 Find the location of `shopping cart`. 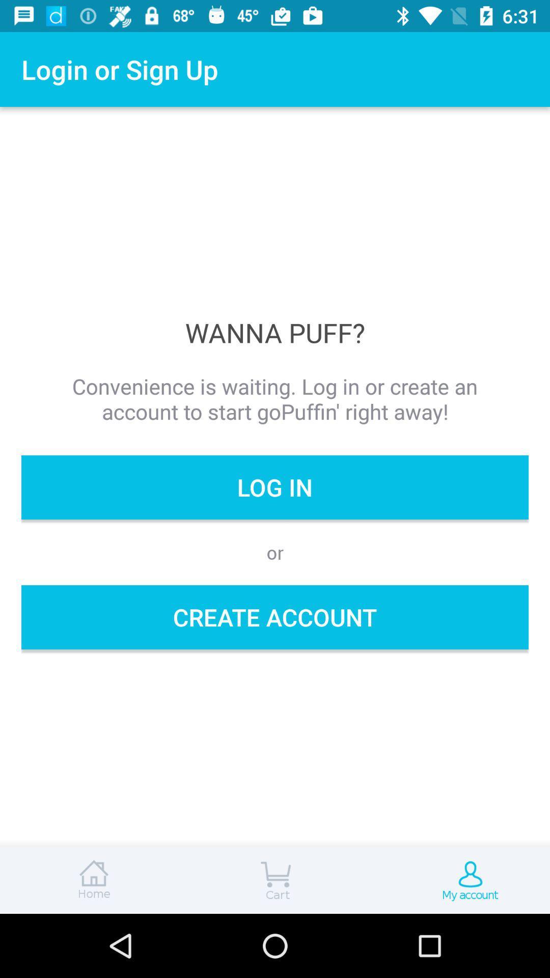

shopping cart is located at coordinates (275, 880).